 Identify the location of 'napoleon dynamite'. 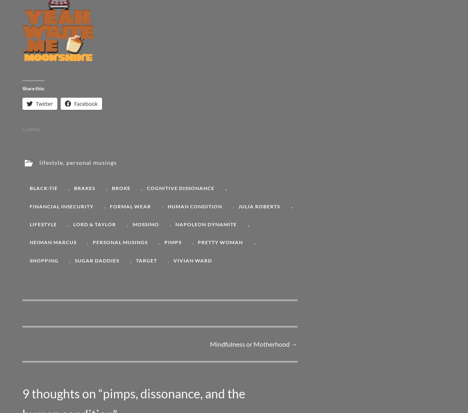
(206, 224).